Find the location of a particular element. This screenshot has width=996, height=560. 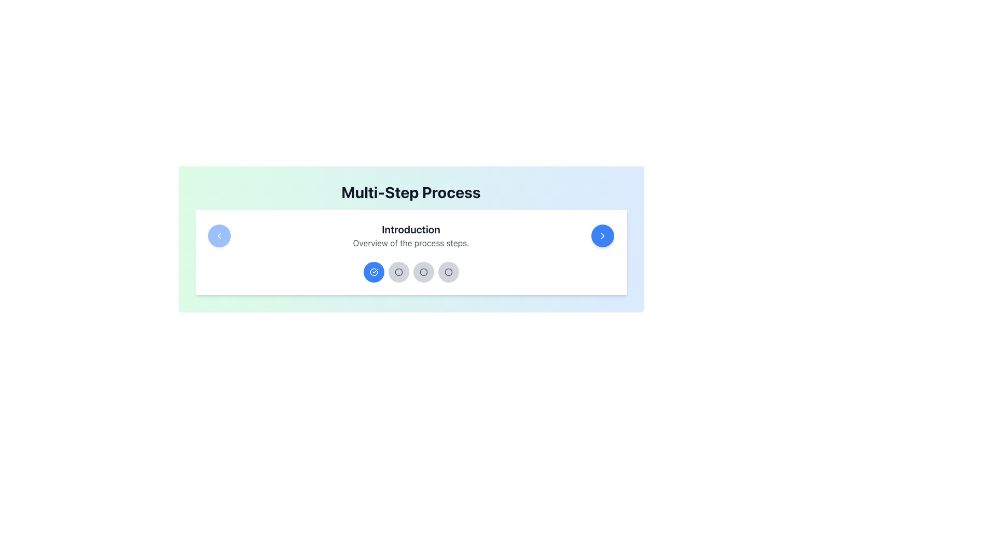

the fifth circular step indicator button in the multi-step process interface is located at coordinates (448, 271).